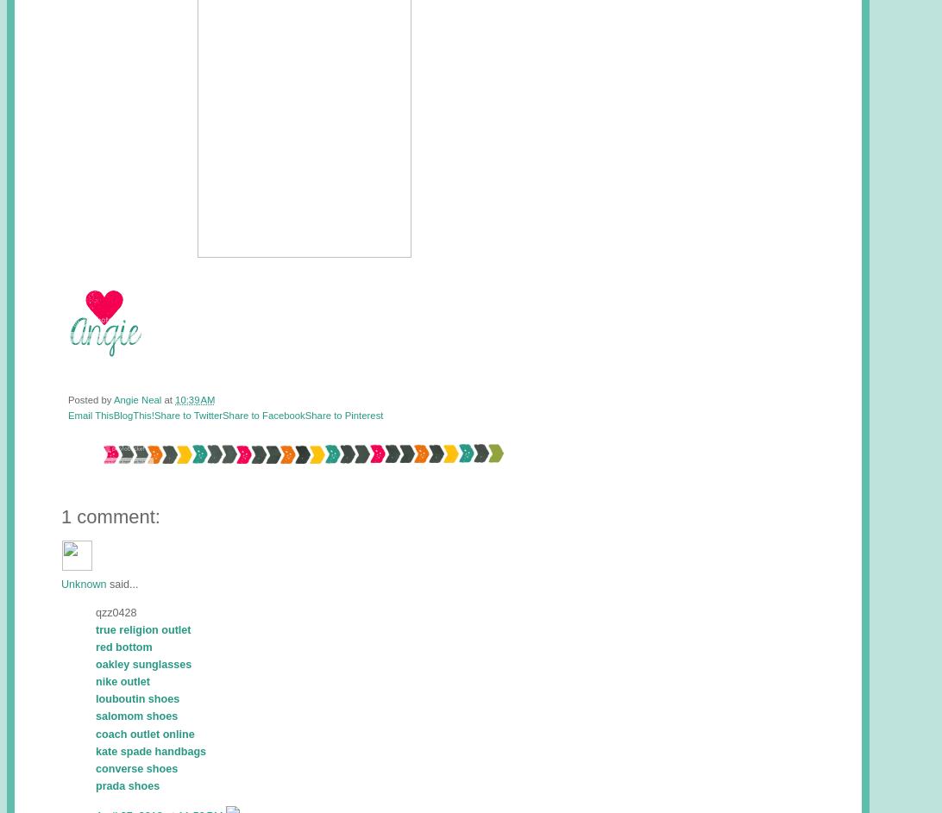 The image size is (942, 813). What do you see at coordinates (110, 516) in the screenshot?
I see `'1 comment:'` at bounding box center [110, 516].